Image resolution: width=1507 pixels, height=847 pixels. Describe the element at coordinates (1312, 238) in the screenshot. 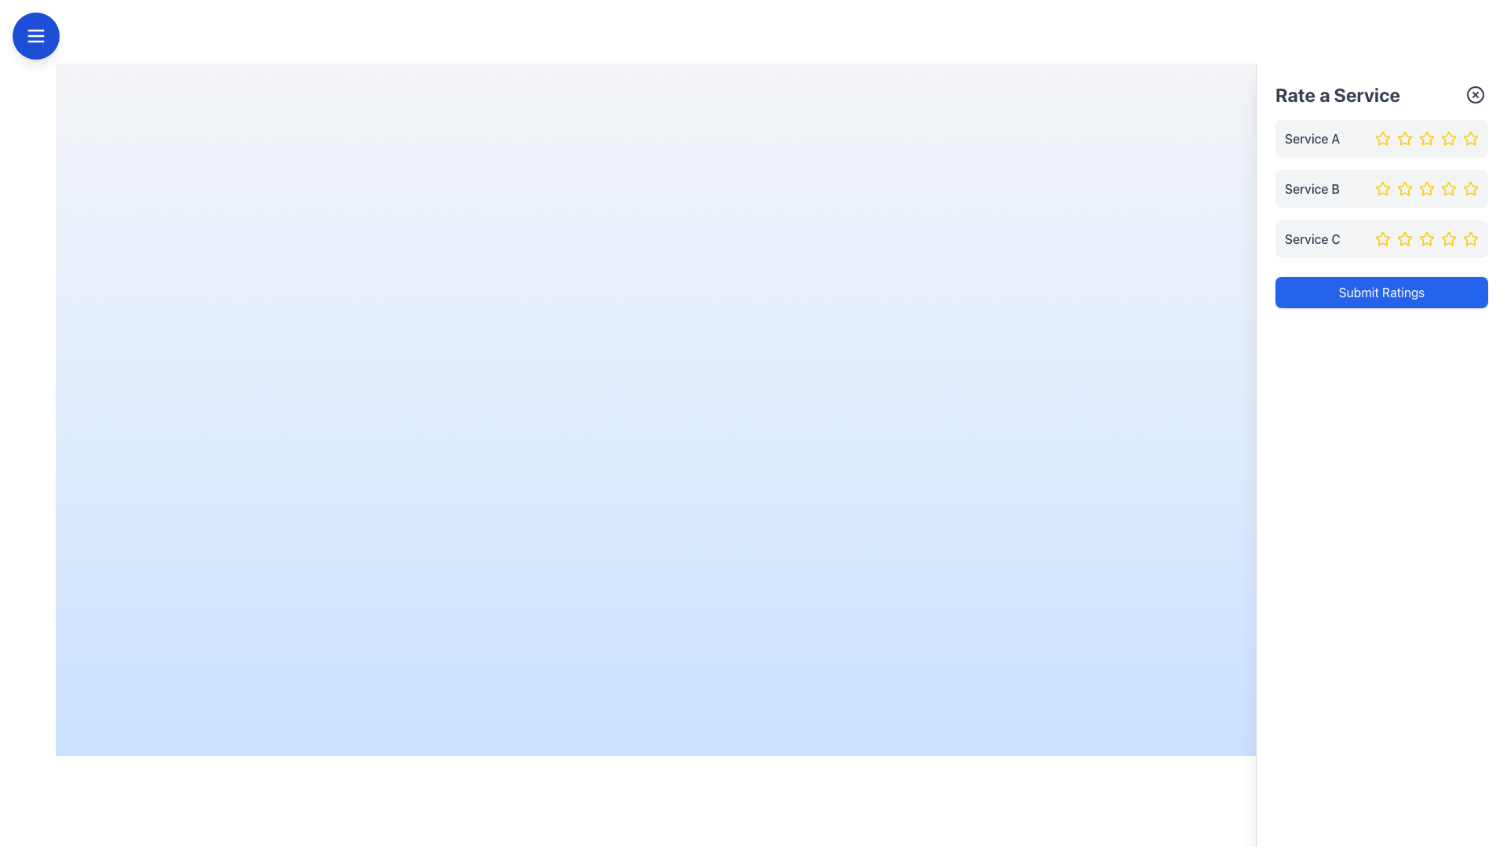

I see `the third text label in the vertical list of services under the 'Rate a Service' heading, which identifies the service being rated` at that location.